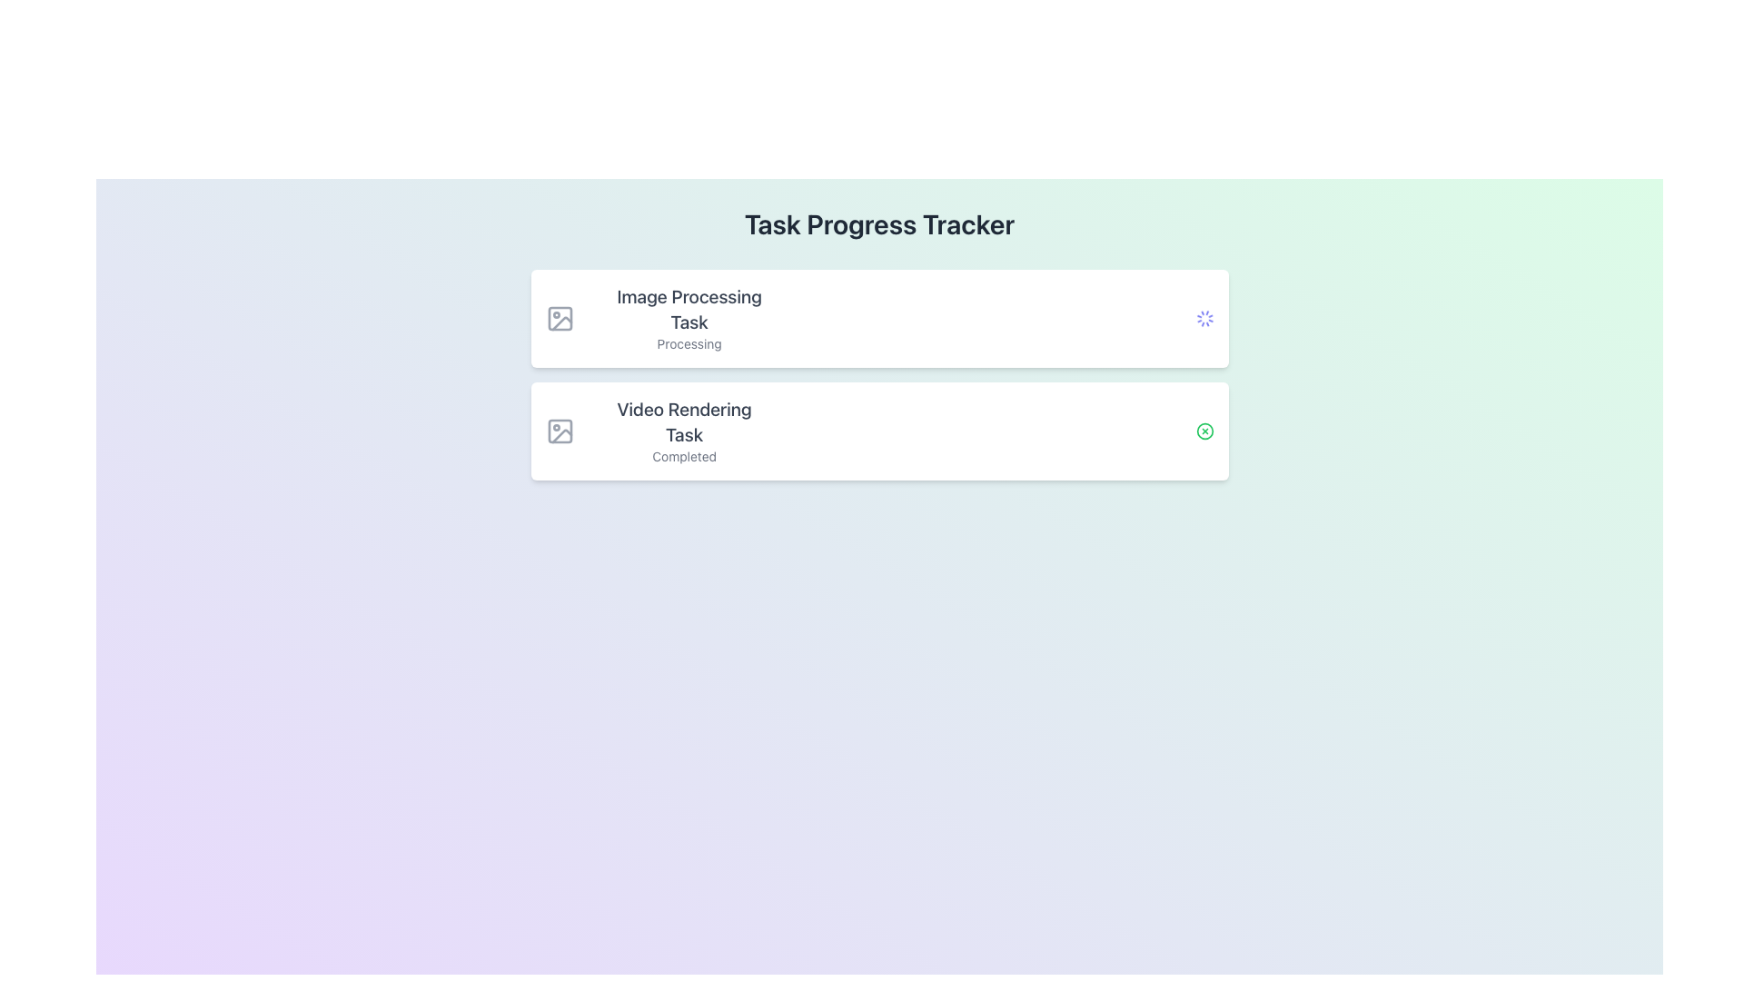 This screenshot has height=981, width=1744. Describe the element at coordinates (683, 455) in the screenshot. I see `the 'Completed' text label in gray color, which is located in the lower portion of the 'Video Rendering Task' card` at that location.